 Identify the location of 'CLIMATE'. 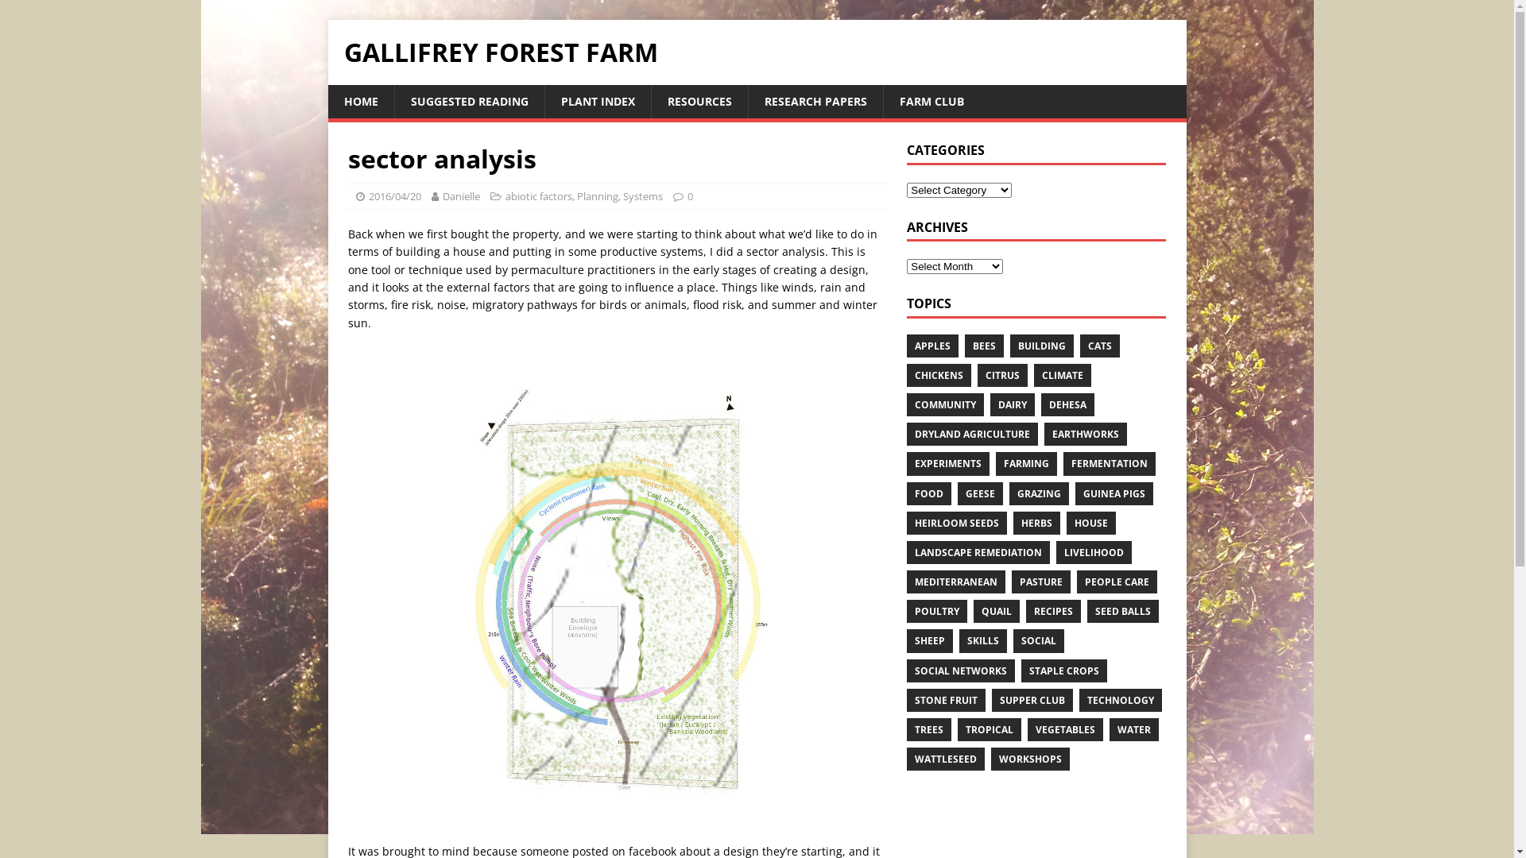
(1033, 375).